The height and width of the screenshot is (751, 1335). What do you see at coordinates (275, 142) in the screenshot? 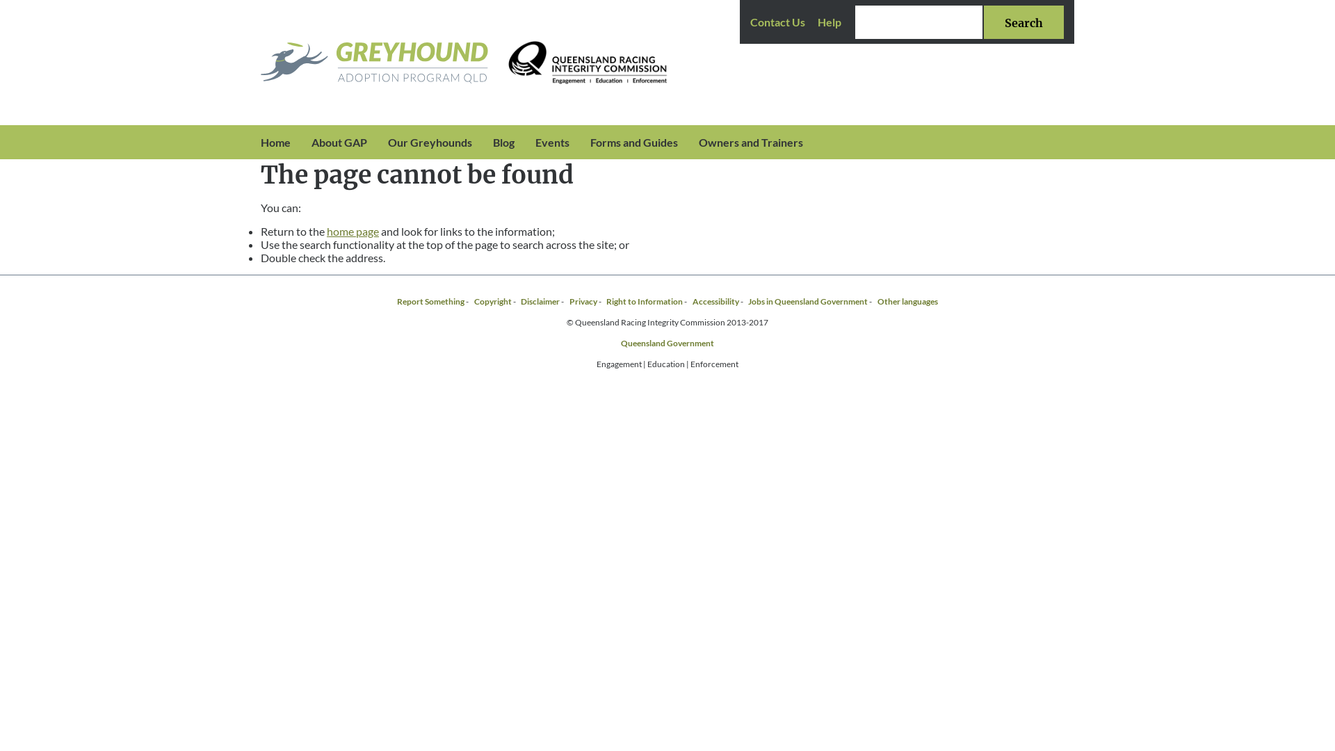
I see `'Home'` at bounding box center [275, 142].